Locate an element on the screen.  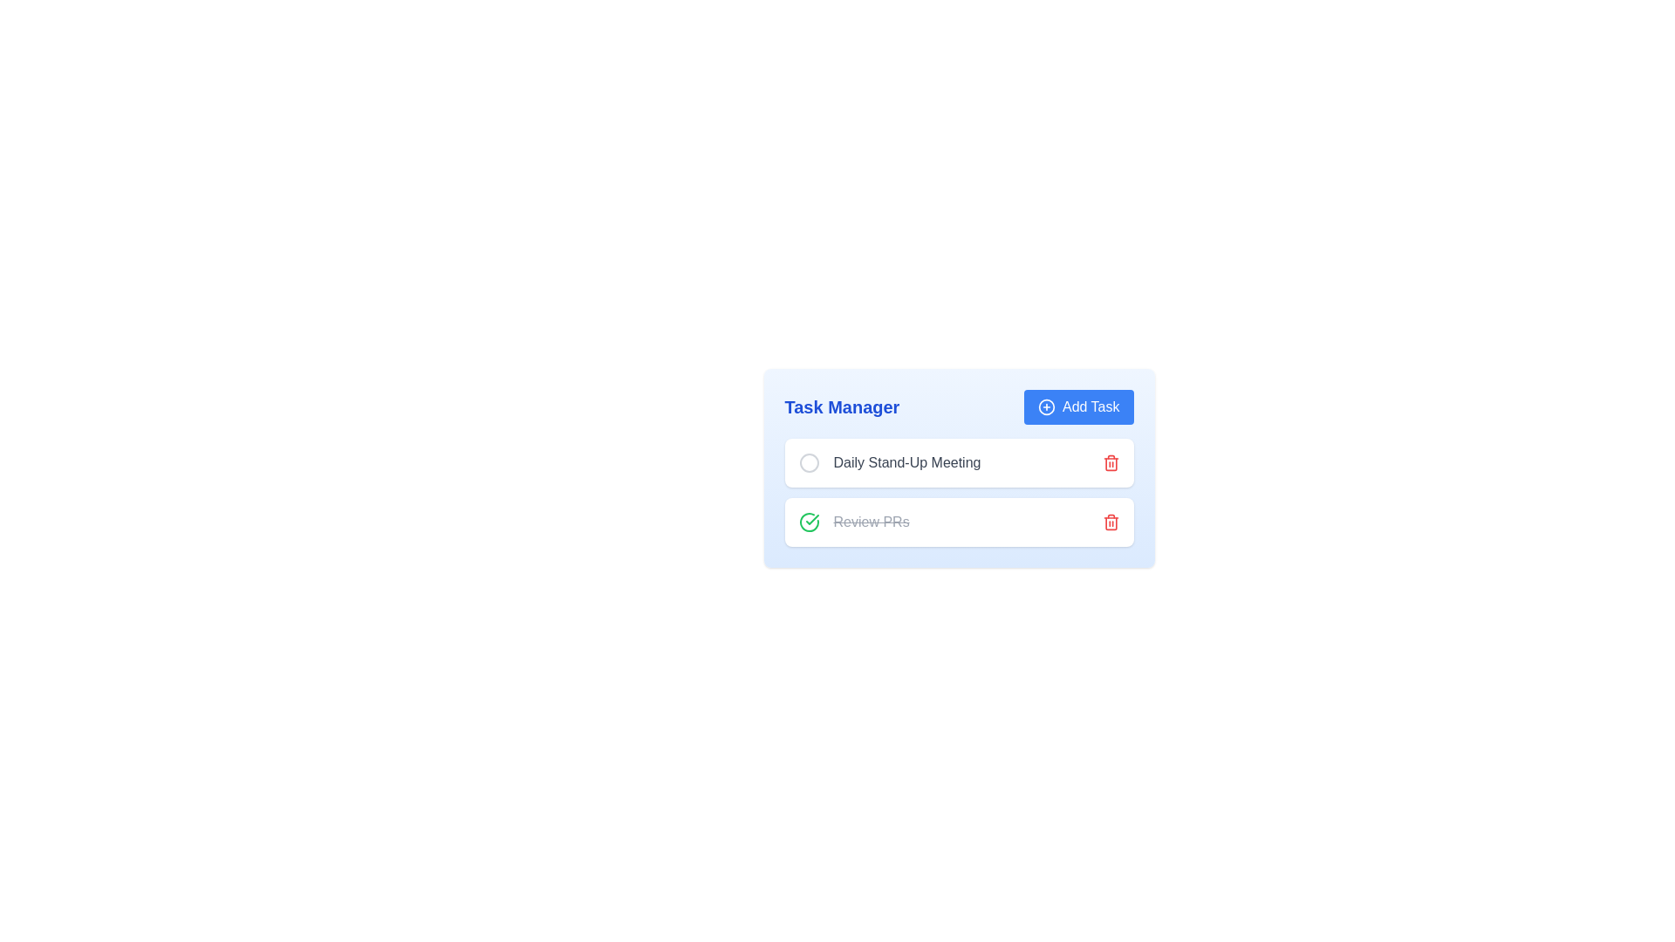
the 'Add Task' button with a blue background and white text, located on the right side of the 'Task Manager' header section is located at coordinates (1077, 406).